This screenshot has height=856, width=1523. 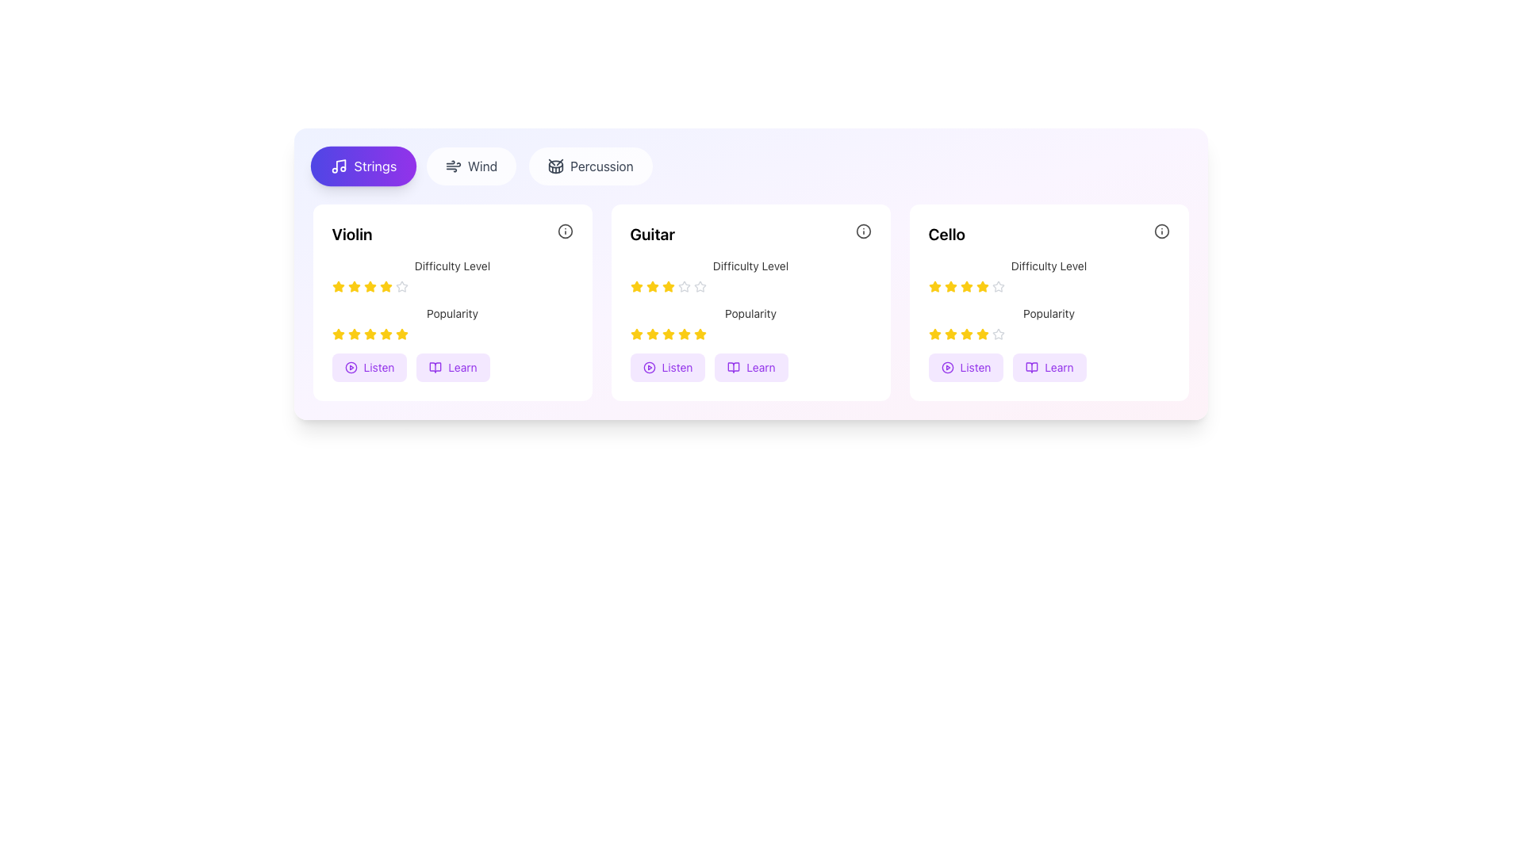 I want to click on the fourth star icon in the horizontal row of rating stars under the 'Difficulty Level' section for 'Guitar' in the second card of the interface, so click(x=684, y=287).